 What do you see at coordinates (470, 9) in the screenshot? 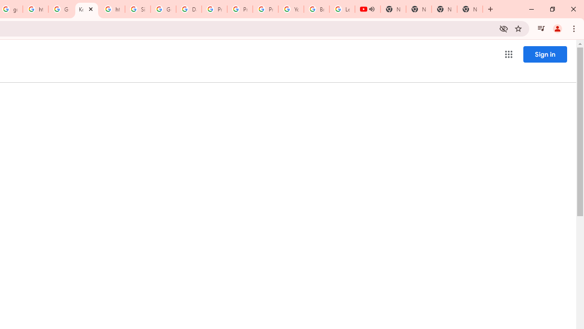
I see `'New Tab'` at bounding box center [470, 9].